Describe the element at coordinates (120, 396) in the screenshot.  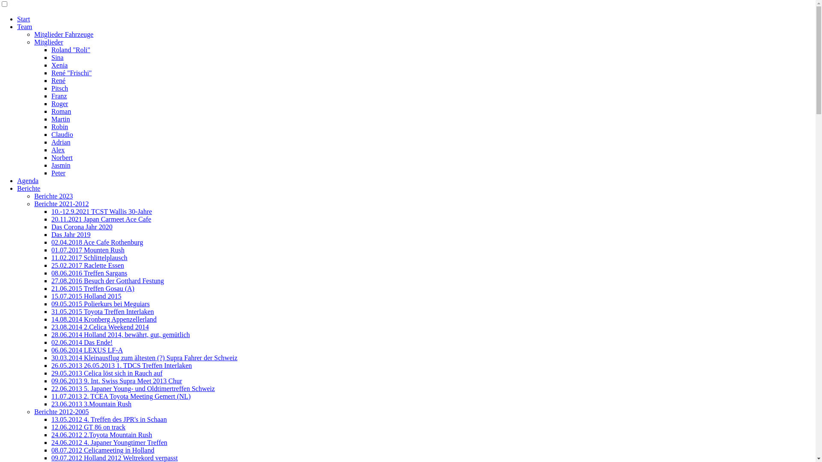
I see `'11.07.2013 2. TCEA Toyota Meeting Gemert (NL)'` at that location.